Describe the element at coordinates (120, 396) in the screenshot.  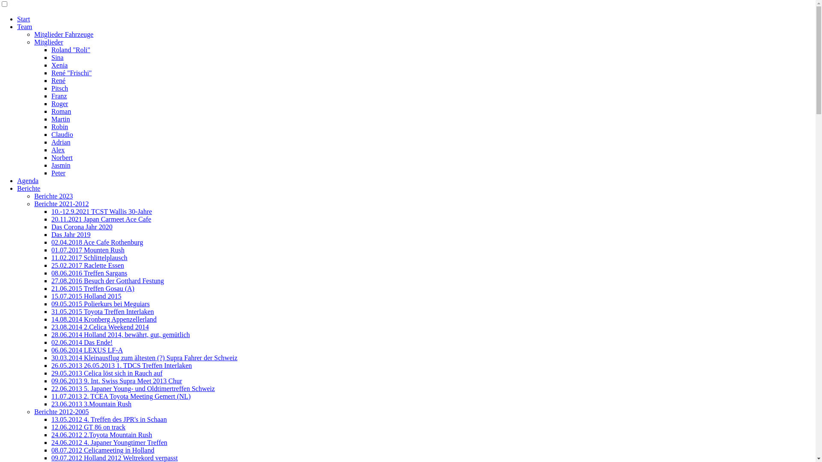
I see `'11.07.2013 2. TCEA Toyota Meeting Gemert (NL)'` at that location.